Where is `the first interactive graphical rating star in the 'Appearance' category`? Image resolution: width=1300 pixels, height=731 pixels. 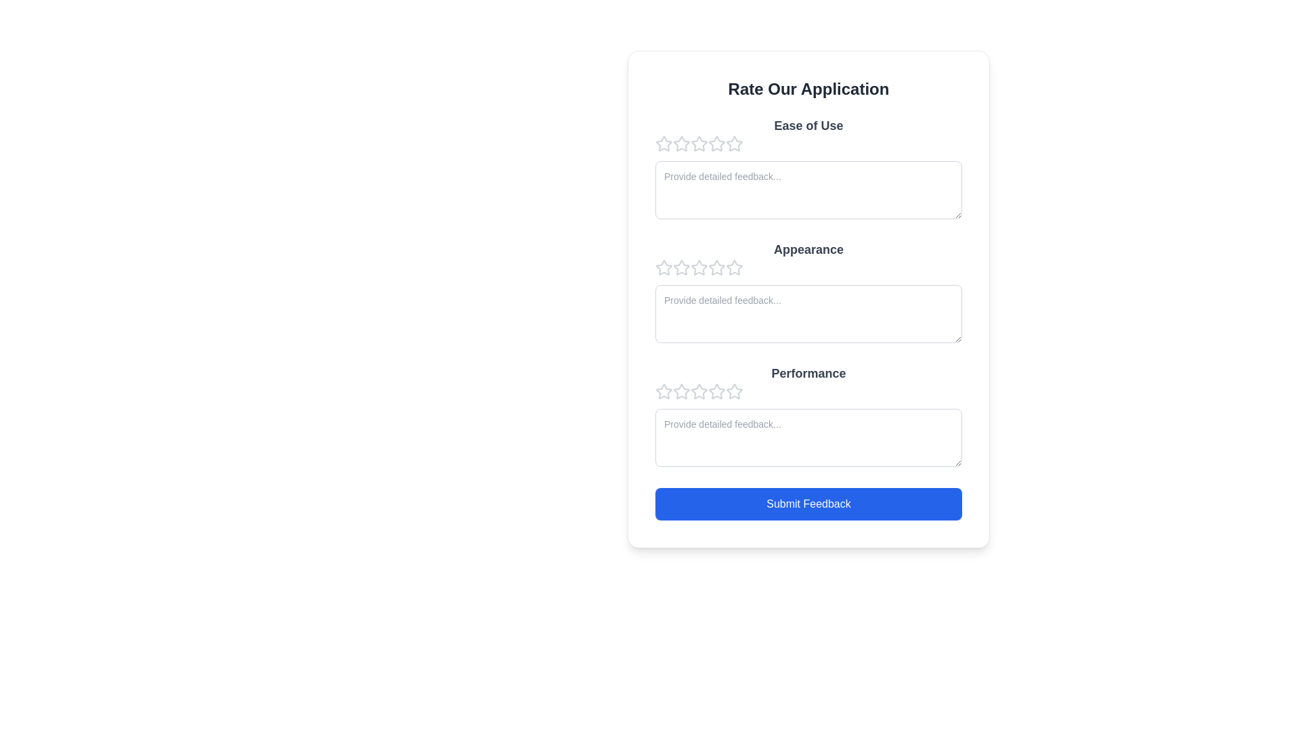
the first interactive graphical rating star in the 'Appearance' category is located at coordinates (682, 267).